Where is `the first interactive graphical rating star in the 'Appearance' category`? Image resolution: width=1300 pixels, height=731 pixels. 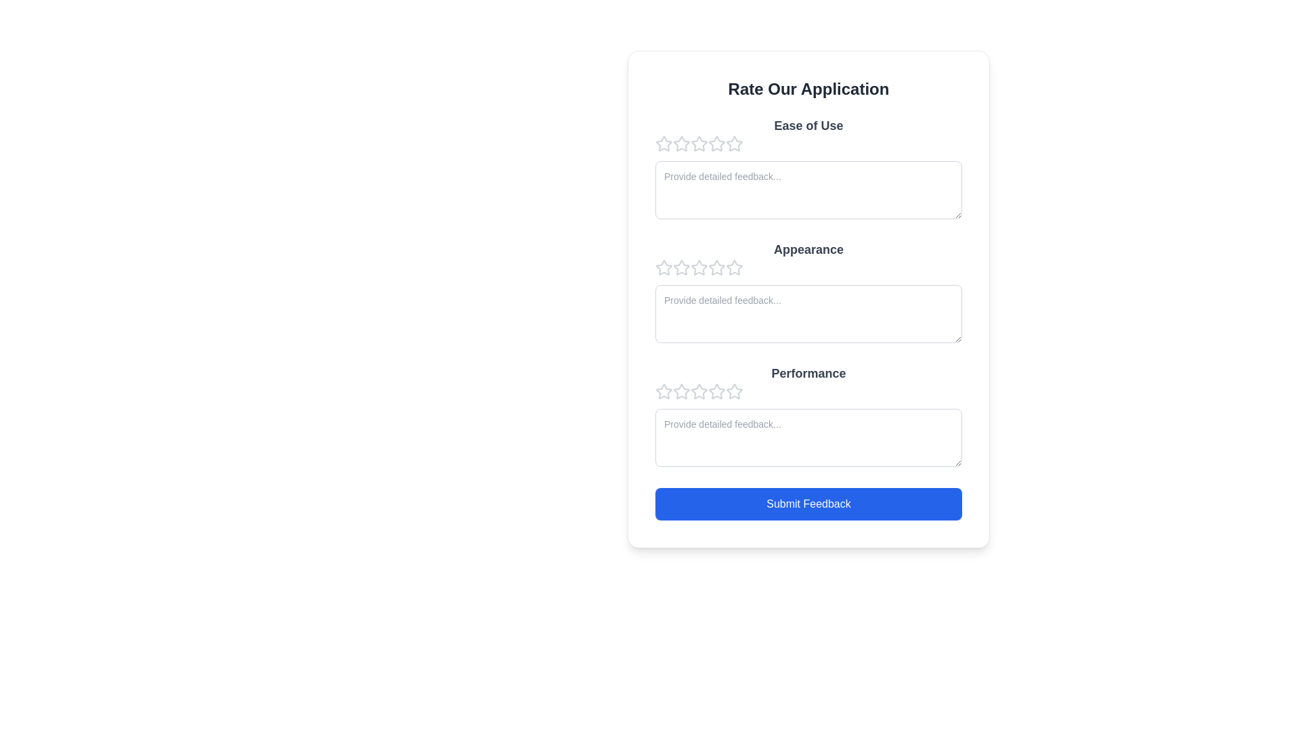
the first interactive graphical rating star in the 'Appearance' category is located at coordinates (682, 267).